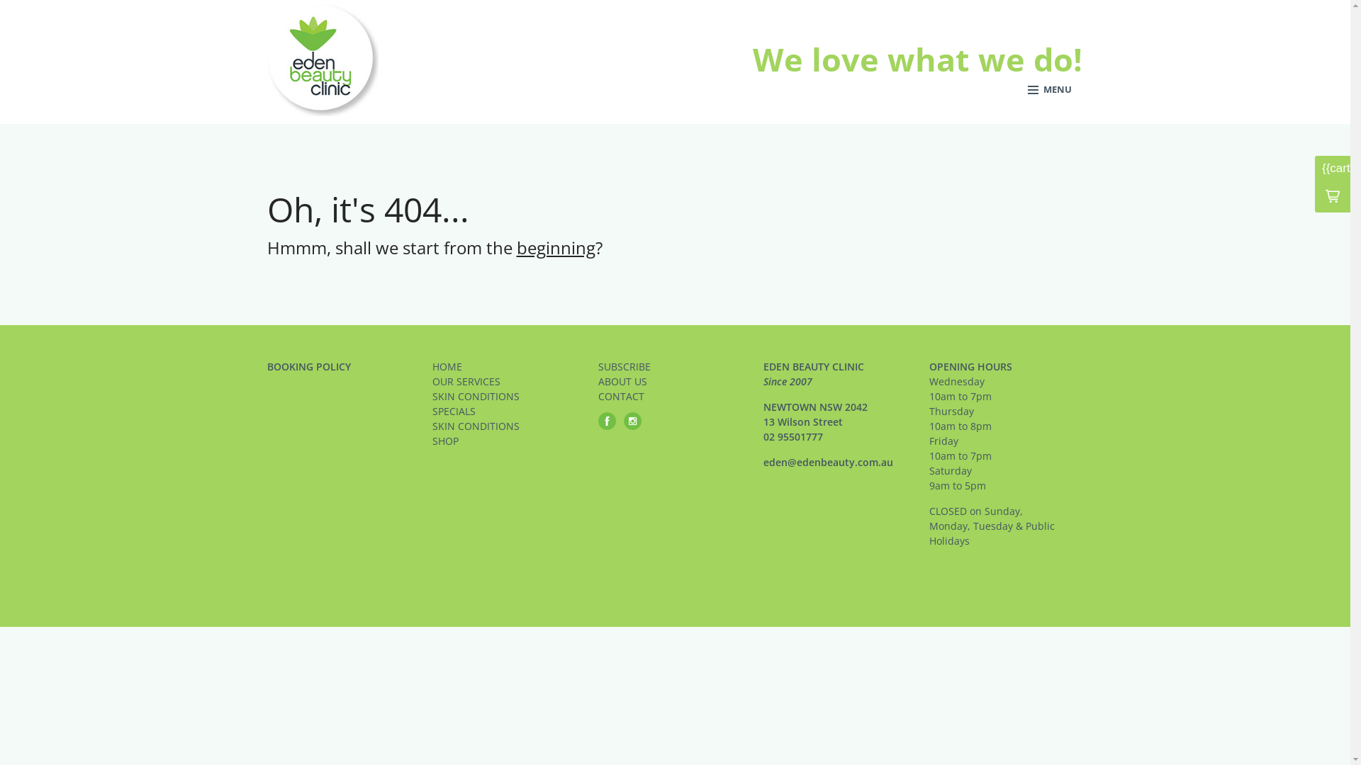  Describe the element at coordinates (510, 380) in the screenshot. I see `'OUR SERVICES'` at that location.